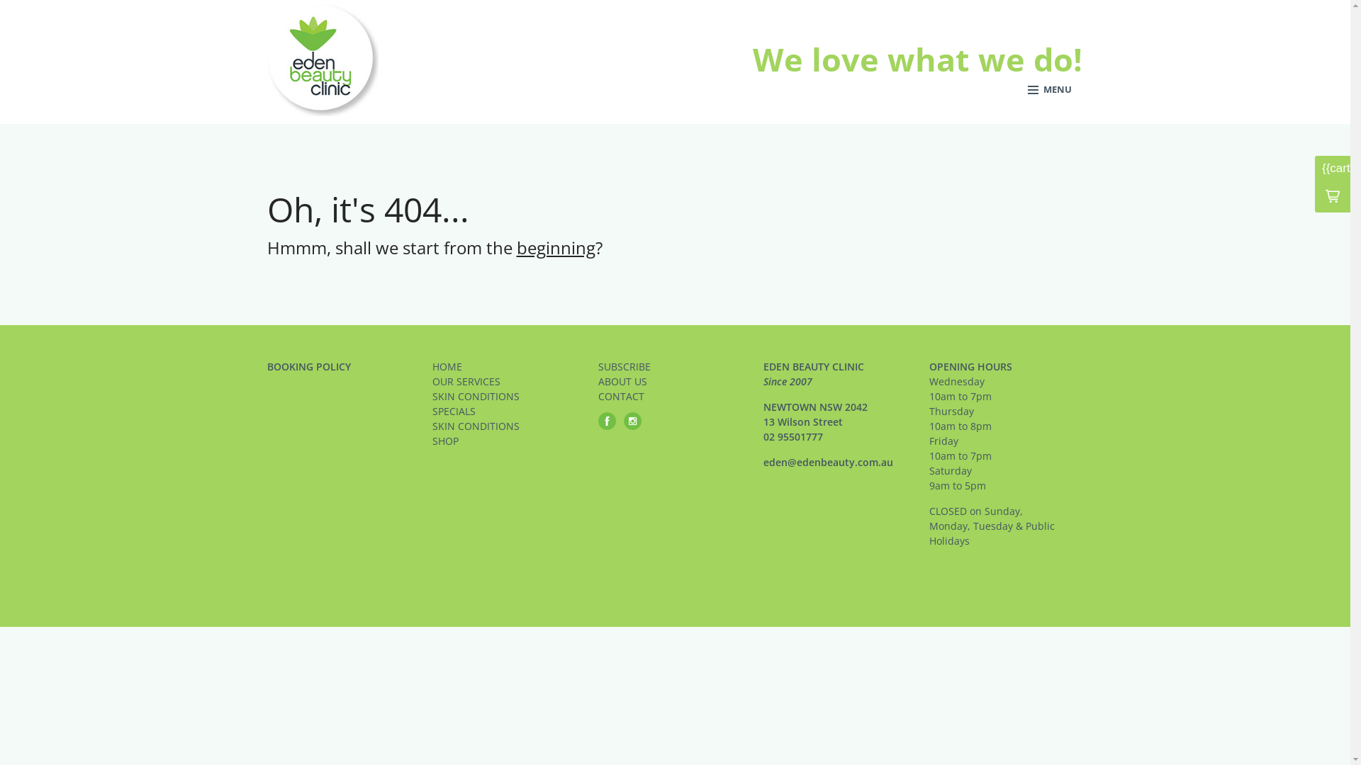  Describe the element at coordinates (510, 380) in the screenshot. I see `'OUR SERVICES'` at that location.